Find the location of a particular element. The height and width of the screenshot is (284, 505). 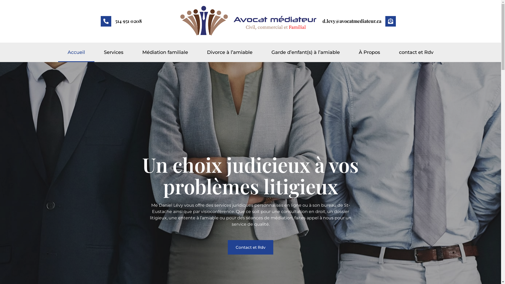

'Accueil' is located at coordinates (76, 52).